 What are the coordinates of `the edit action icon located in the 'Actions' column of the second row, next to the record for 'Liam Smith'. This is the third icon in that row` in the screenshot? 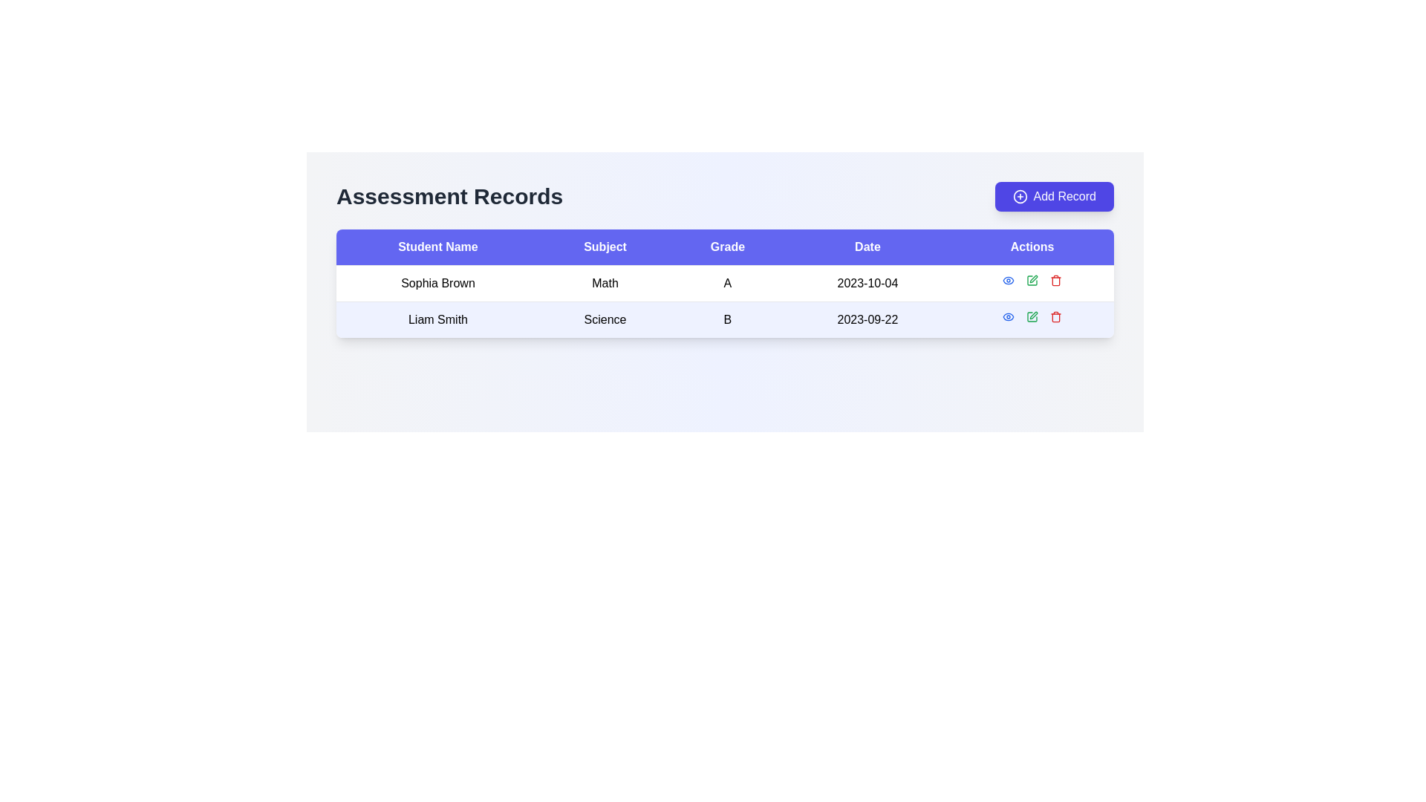 It's located at (1032, 281).